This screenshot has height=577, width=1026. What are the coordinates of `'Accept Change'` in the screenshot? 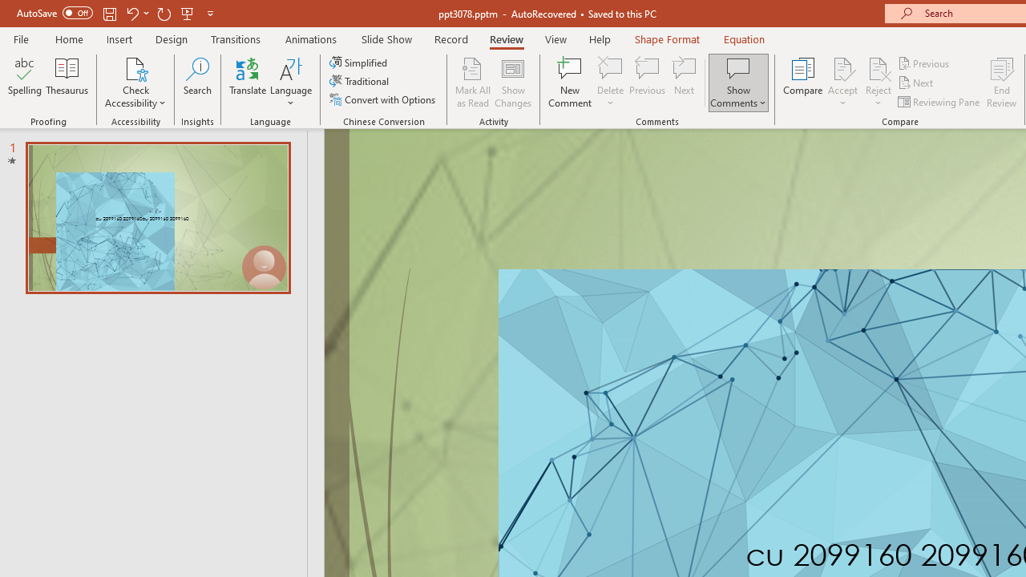 It's located at (842, 67).